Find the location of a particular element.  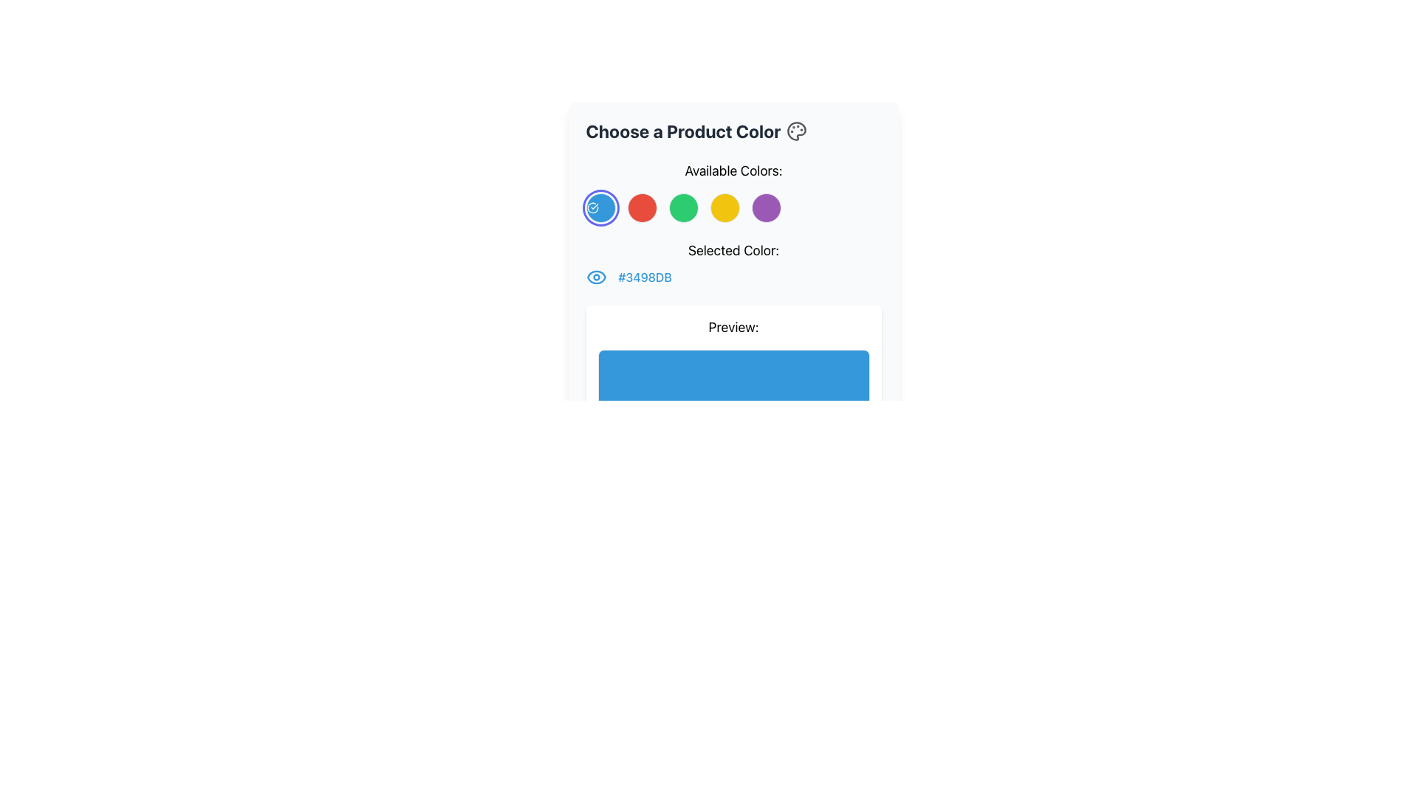

the static text displaying the currently selected color in hexadecimal code format, located in the 'Selected Color' section, to the right of the eye icon is located at coordinates (645, 277).